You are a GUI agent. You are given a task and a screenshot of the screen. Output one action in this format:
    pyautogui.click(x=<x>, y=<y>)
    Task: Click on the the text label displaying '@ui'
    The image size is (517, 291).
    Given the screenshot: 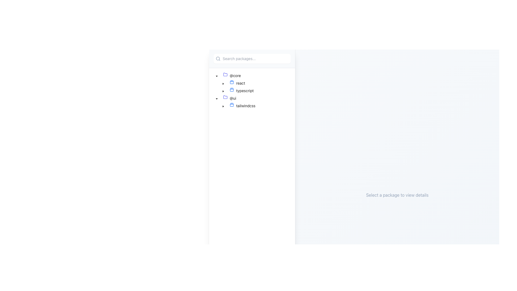 What is the action you would take?
    pyautogui.click(x=233, y=98)
    